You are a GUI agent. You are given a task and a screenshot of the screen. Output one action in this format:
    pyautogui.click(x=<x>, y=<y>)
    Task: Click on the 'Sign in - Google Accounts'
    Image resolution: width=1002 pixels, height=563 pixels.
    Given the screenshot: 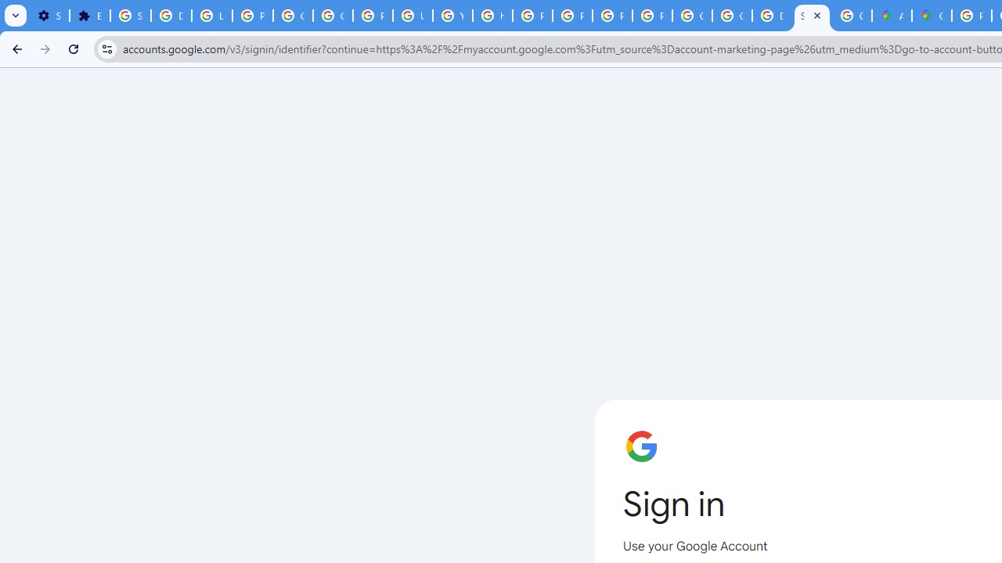 What is the action you would take?
    pyautogui.click(x=131, y=16)
    